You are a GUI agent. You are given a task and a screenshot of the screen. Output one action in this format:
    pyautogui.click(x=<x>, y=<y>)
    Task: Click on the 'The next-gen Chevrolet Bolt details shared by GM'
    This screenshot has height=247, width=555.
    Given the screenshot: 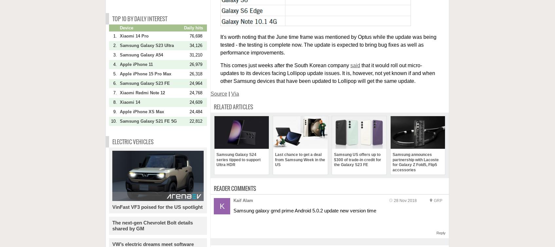 What is the action you would take?
    pyautogui.click(x=112, y=225)
    